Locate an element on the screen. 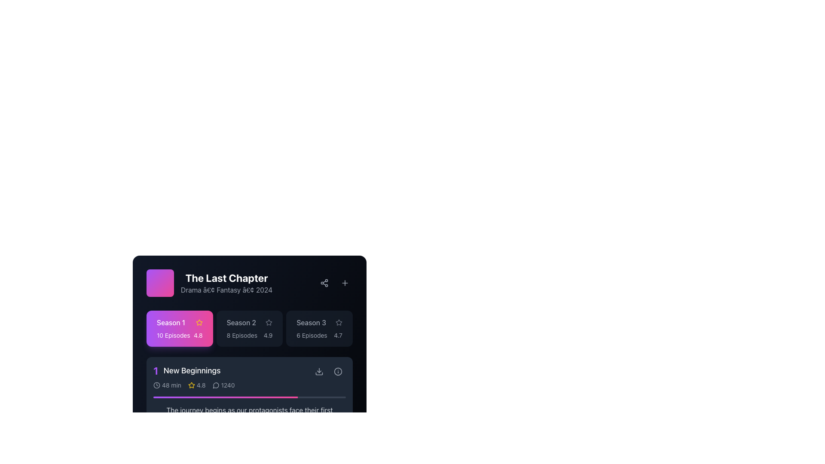  displayed rating value of the Rating Indicator element, which shows a star icon and the numerical value '4.8', located beneath the series title 'New Beginnings' is located at coordinates (196, 385).